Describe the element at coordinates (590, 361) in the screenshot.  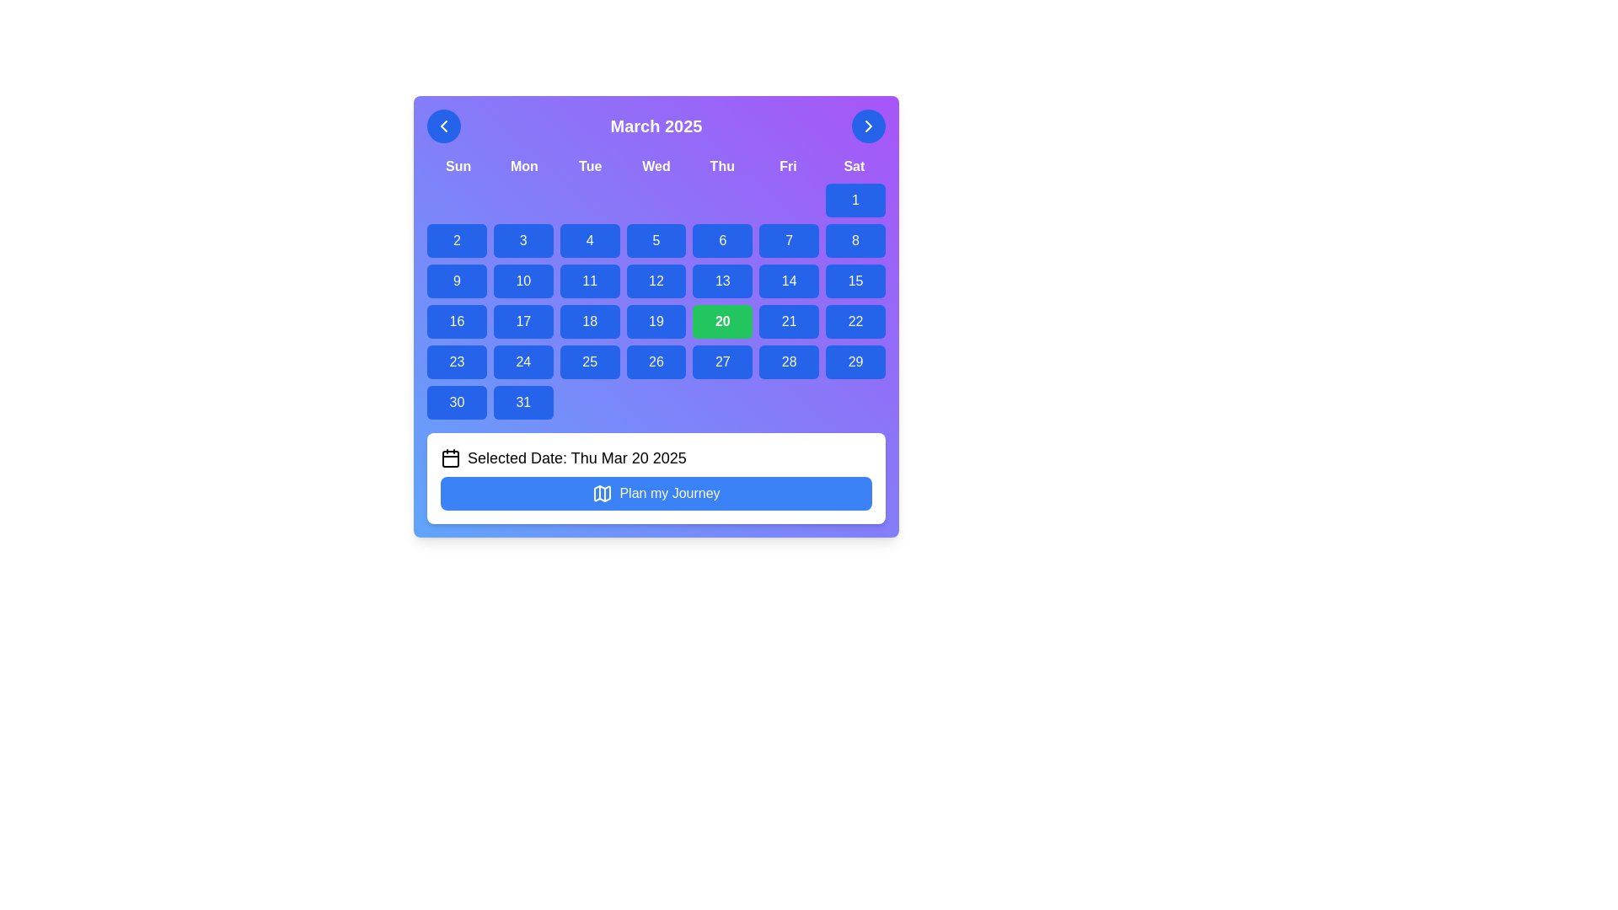
I see `the blue button labeled '25' with a bold white font, located in the fourth row and third column of the calendar grid` at that location.